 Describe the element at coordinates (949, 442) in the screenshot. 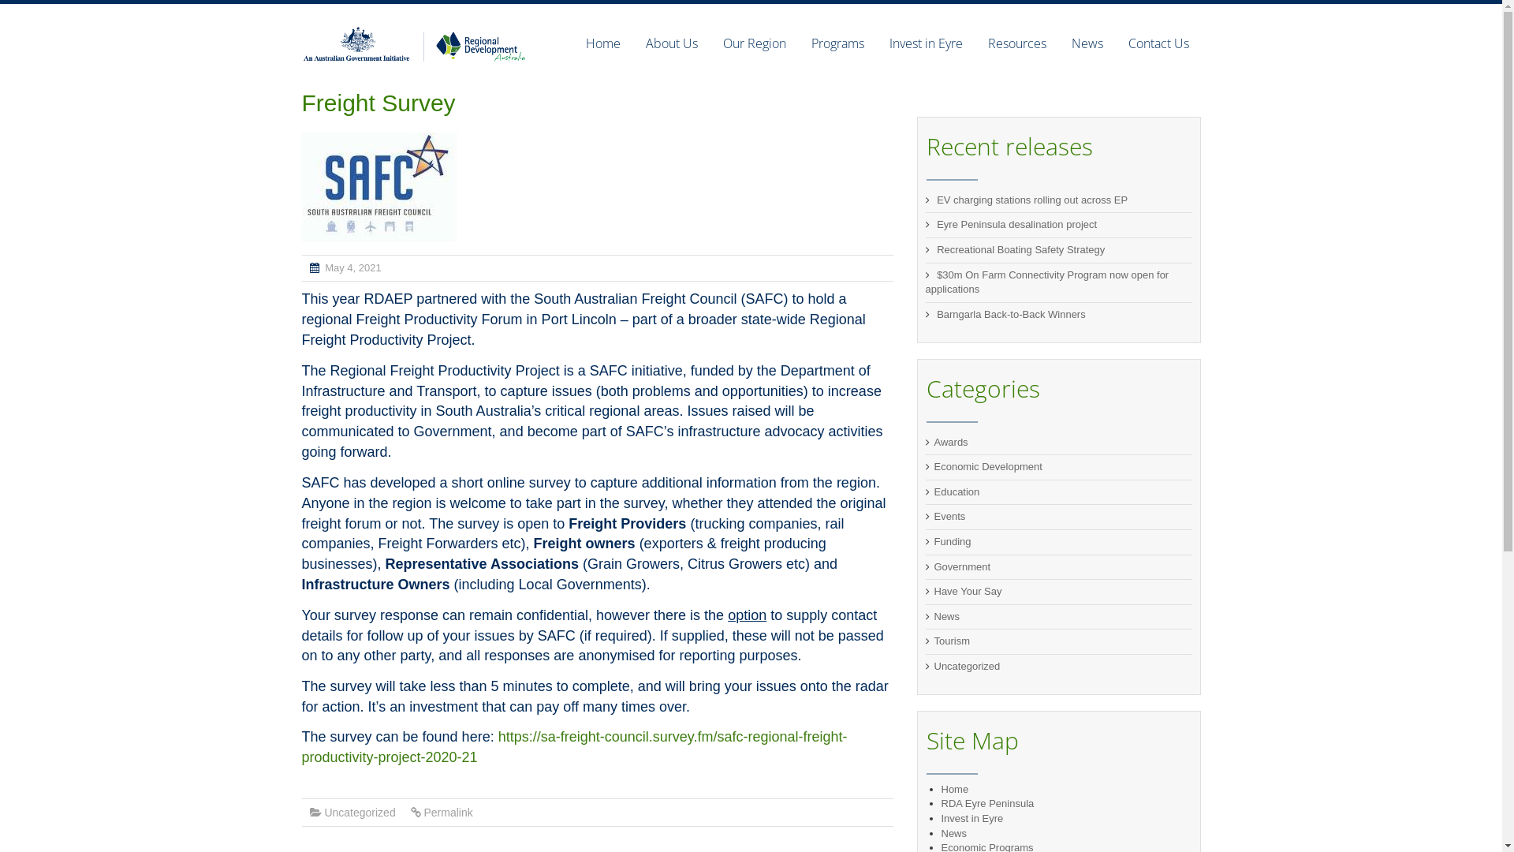

I see `'Awards'` at that location.